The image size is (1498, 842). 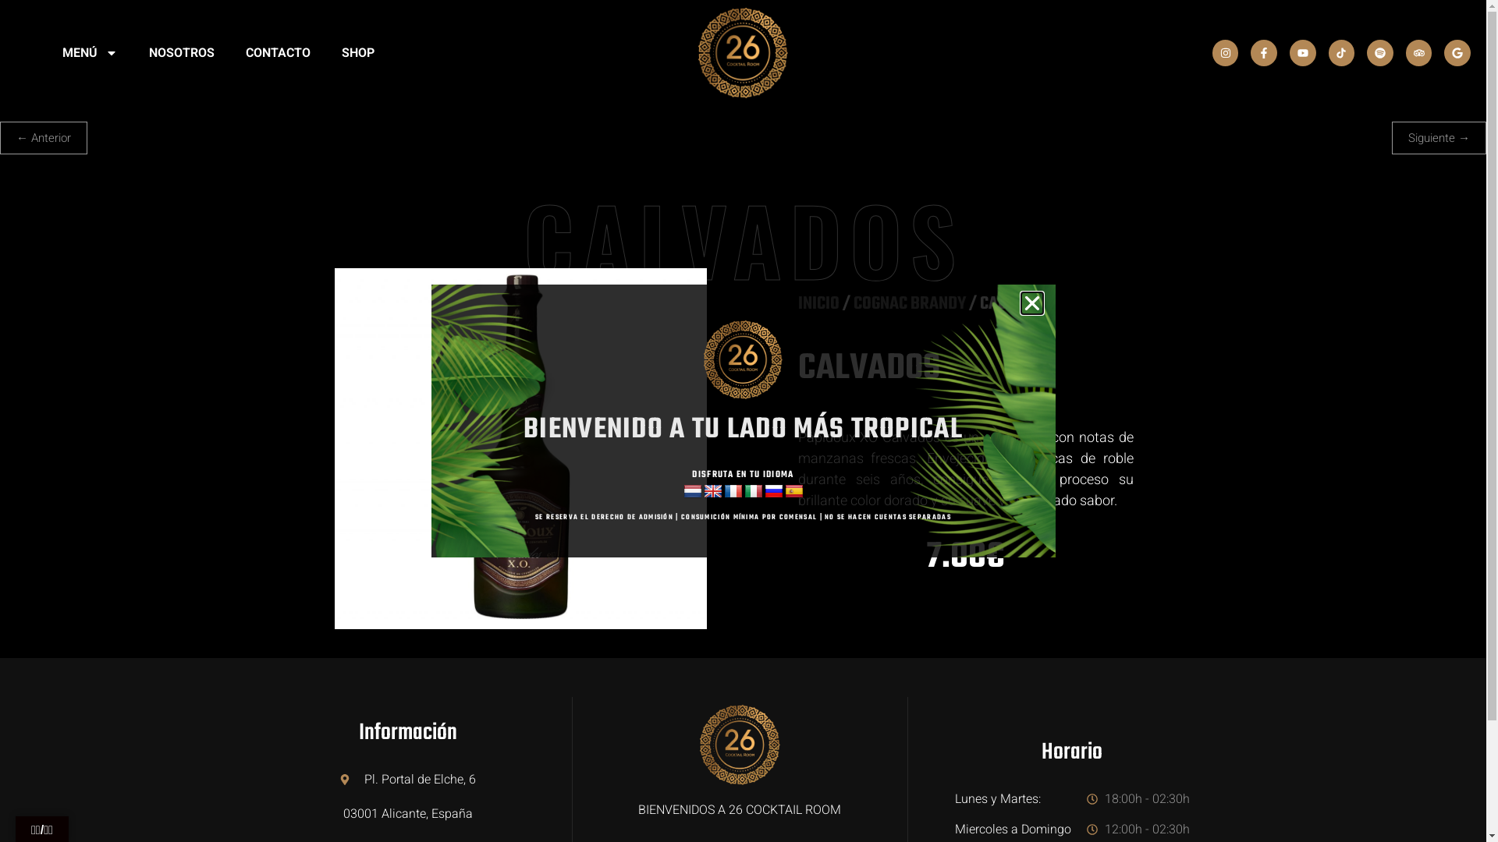 I want to click on 'Italian', so click(x=744, y=492).